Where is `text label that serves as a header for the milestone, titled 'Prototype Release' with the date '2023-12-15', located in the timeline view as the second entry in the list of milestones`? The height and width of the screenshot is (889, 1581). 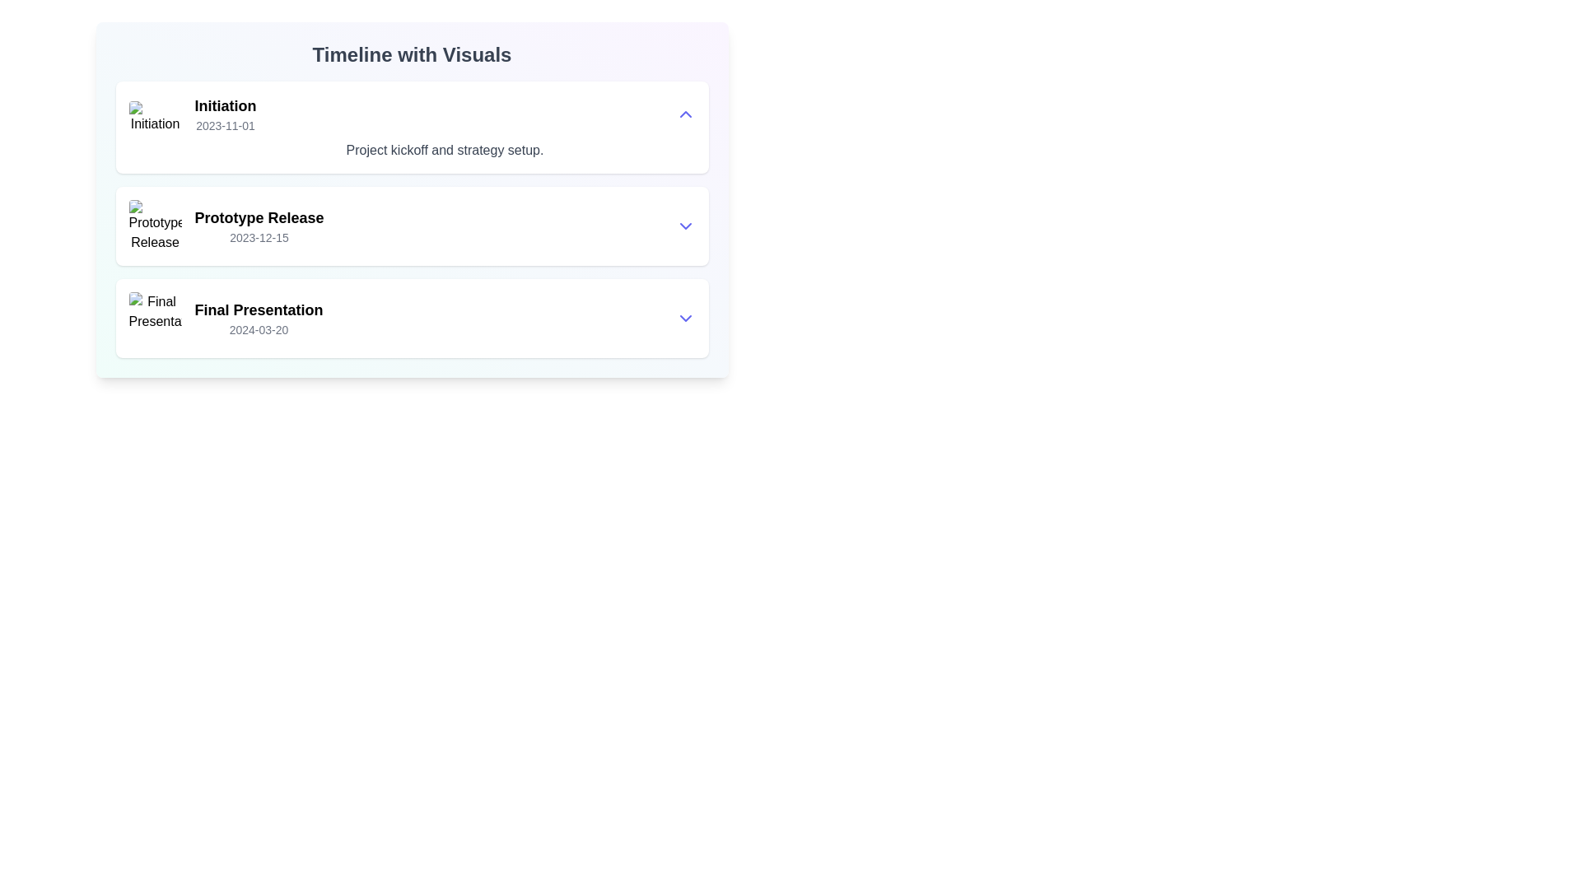
text label that serves as a header for the milestone, titled 'Prototype Release' with the date '2023-12-15', located in the timeline view as the second entry in the list of milestones is located at coordinates (259, 226).